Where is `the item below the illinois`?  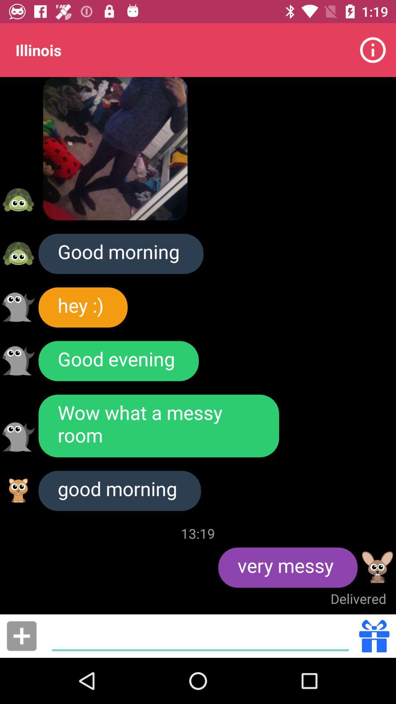
the item below the illinois is located at coordinates (115, 148).